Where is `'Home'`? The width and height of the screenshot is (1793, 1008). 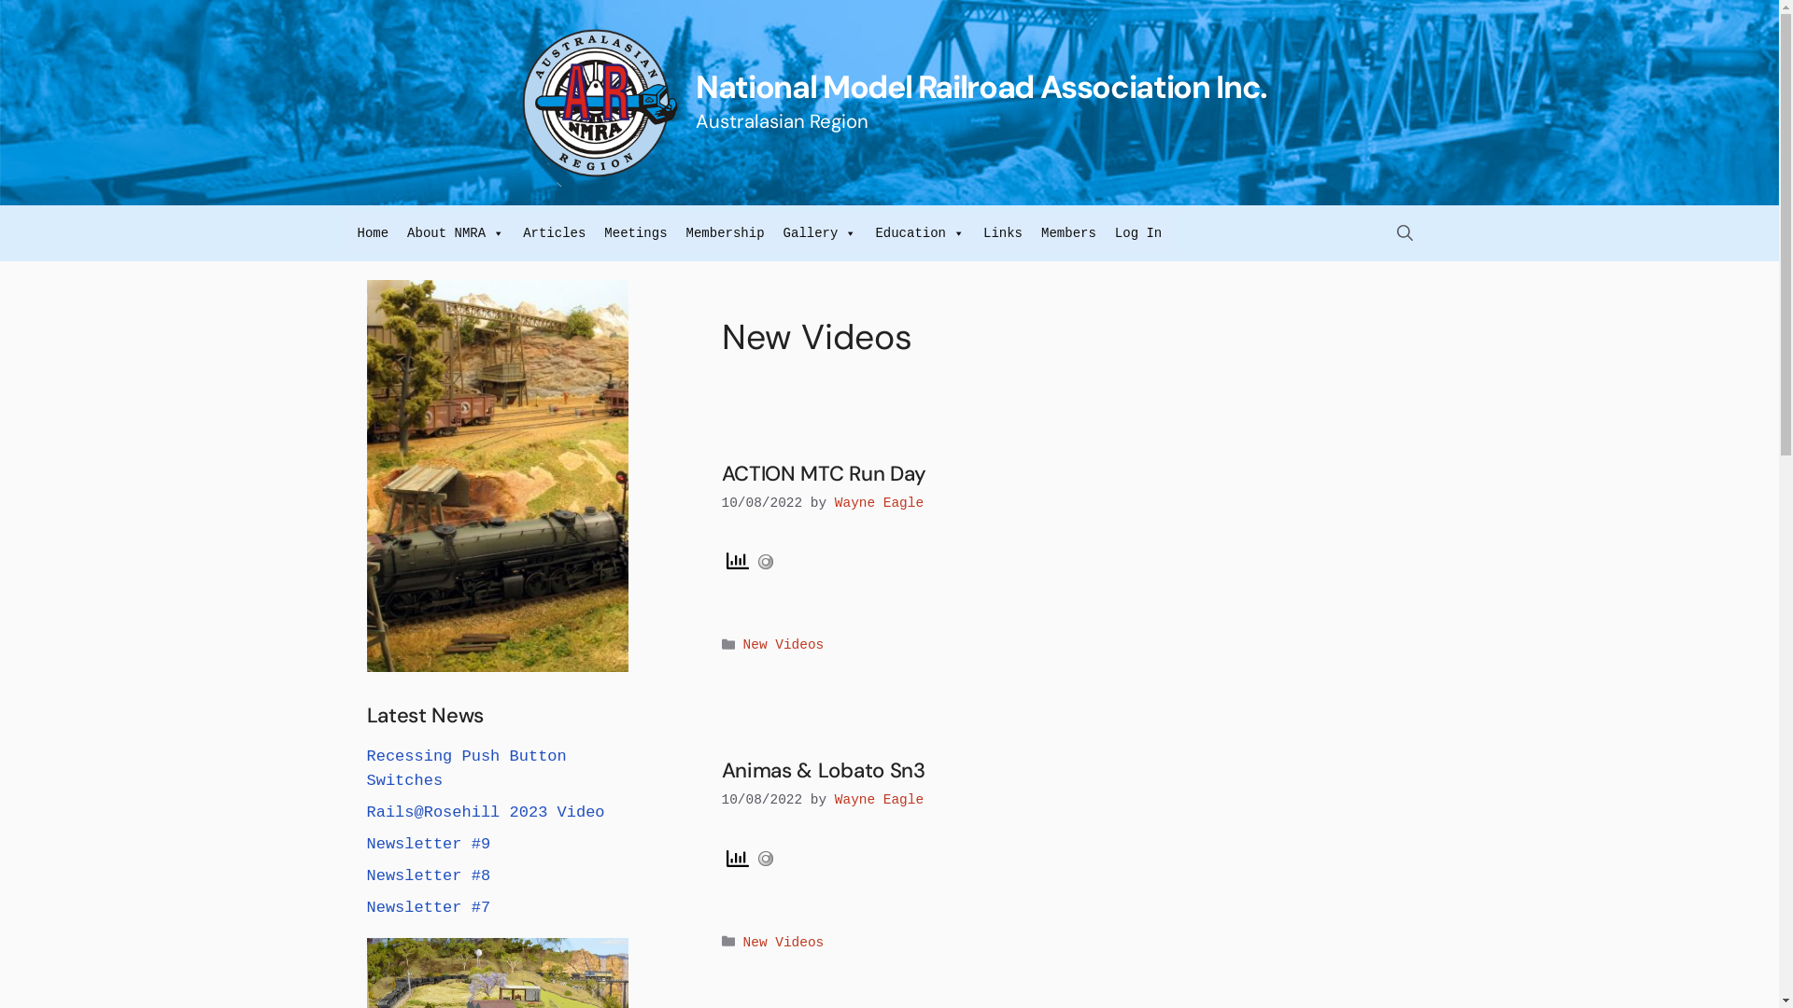
'Home' is located at coordinates (372, 232).